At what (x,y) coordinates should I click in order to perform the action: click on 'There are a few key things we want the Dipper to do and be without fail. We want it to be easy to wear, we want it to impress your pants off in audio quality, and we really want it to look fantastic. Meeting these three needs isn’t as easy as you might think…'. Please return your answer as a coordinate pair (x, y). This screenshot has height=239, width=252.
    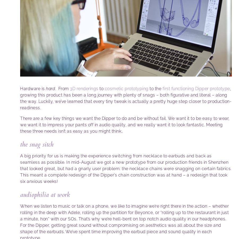
    Looking at the image, I should click on (124, 125).